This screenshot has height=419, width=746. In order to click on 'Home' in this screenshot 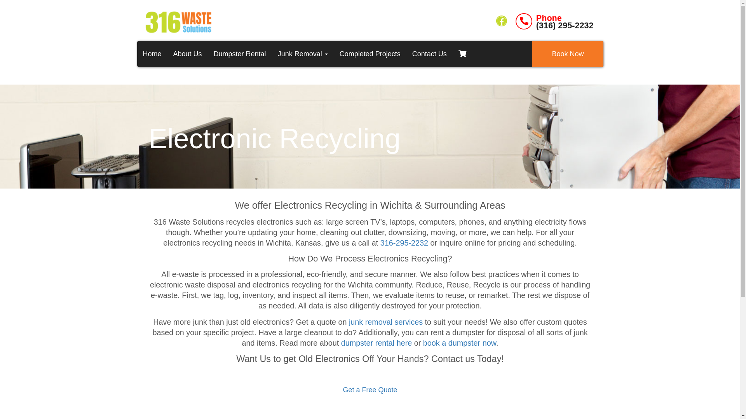, I will do `click(152, 53)`.